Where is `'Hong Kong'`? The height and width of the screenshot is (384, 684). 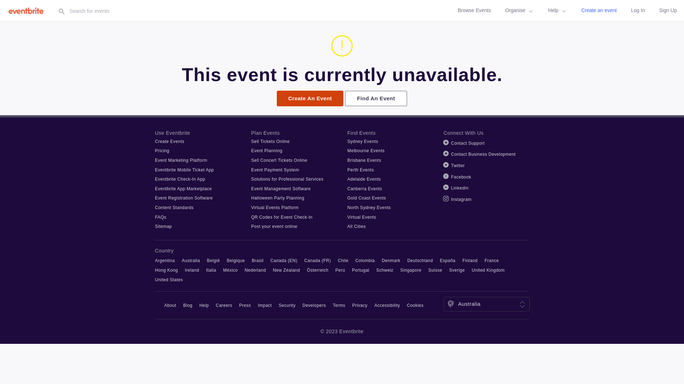
'Hong Kong' is located at coordinates (155, 270).